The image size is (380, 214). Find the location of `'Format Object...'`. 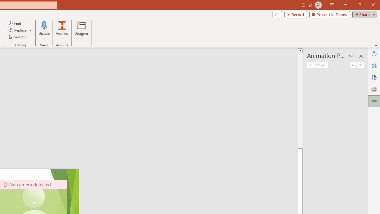

'Format Object...' is located at coordinates (3, 45).